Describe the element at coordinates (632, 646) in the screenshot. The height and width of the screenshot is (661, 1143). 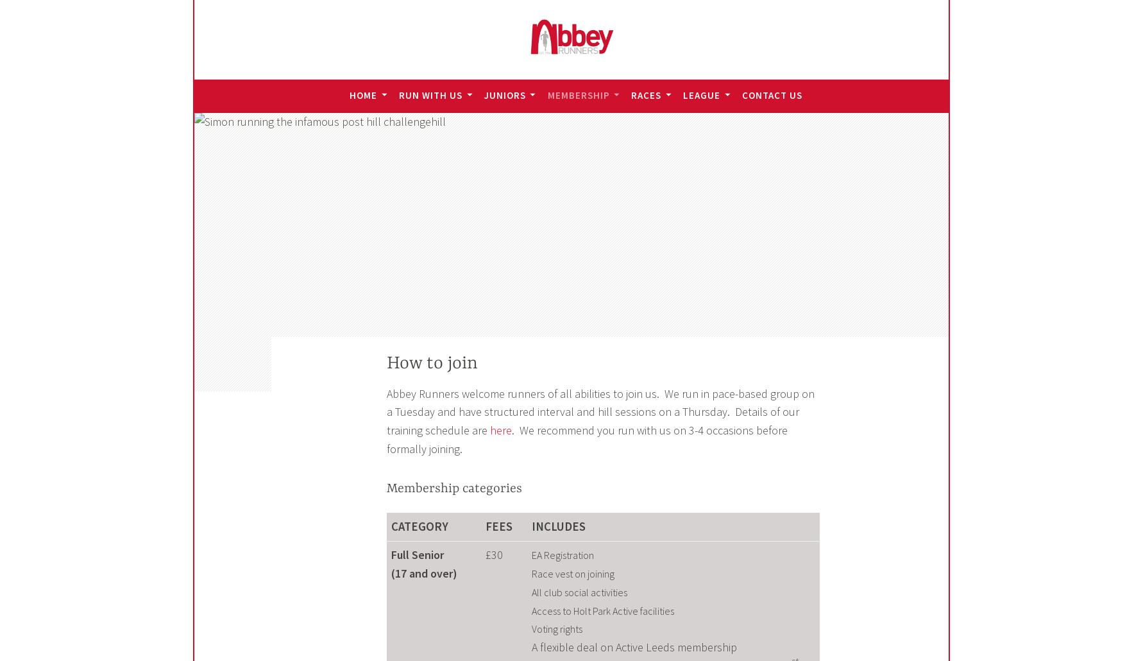
I see `'A flexible deal on Active Leeds membership'` at that location.